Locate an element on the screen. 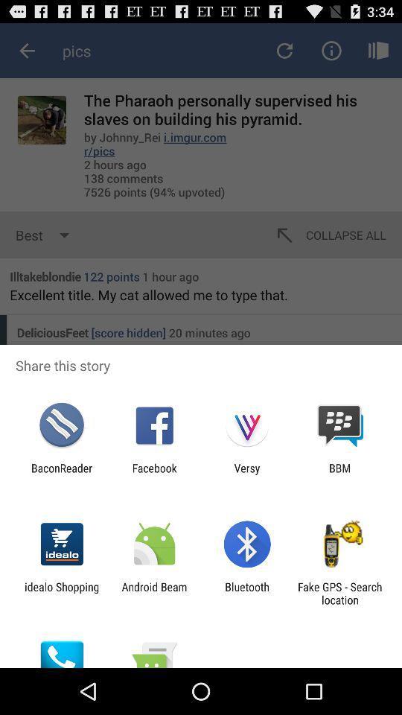  the icon to the left of the bluetooth is located at coordinates (153, 593).